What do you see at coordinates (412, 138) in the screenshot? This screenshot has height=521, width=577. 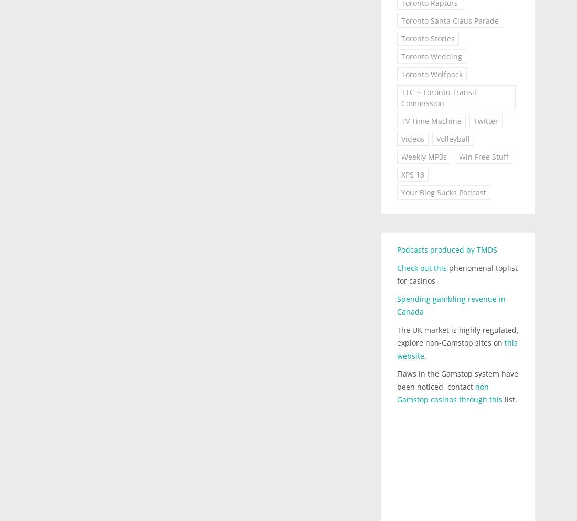 I see `'Videos'` at bounding box center [412, 138].